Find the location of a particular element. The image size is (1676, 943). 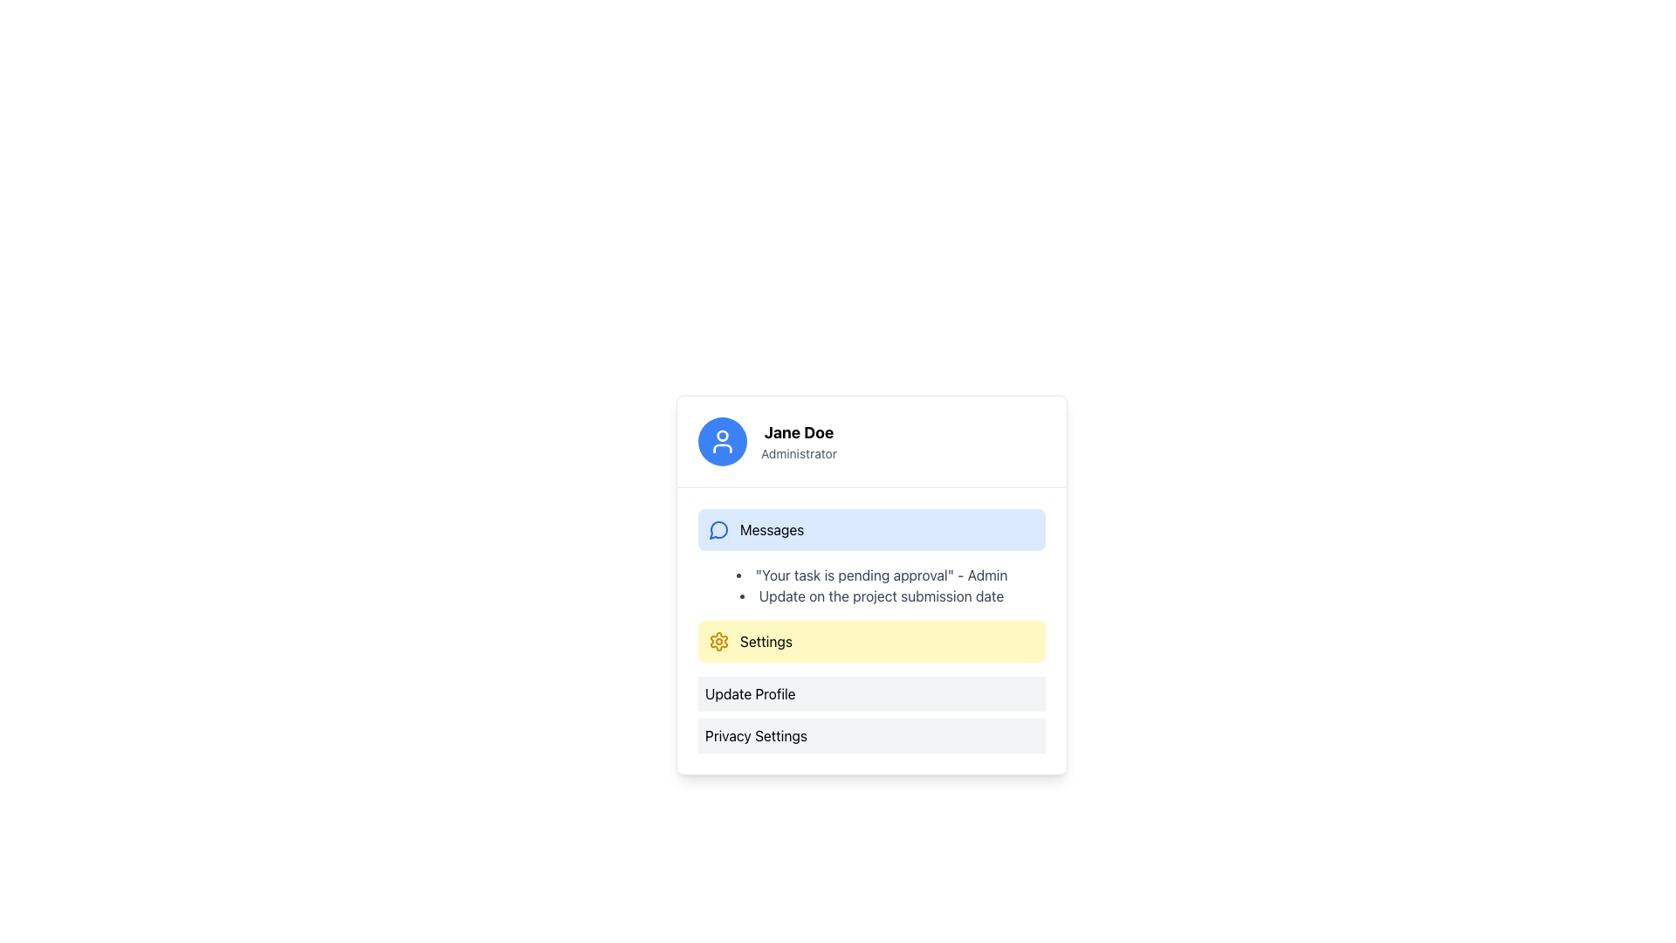

the text block containing the message 'Your task is pending approval' - Admin and the update note 'Update on the project submission date', which is styled in gray and positioned between the 'Messages' section and the 'Settings' button is located at coordinates (871, 586).